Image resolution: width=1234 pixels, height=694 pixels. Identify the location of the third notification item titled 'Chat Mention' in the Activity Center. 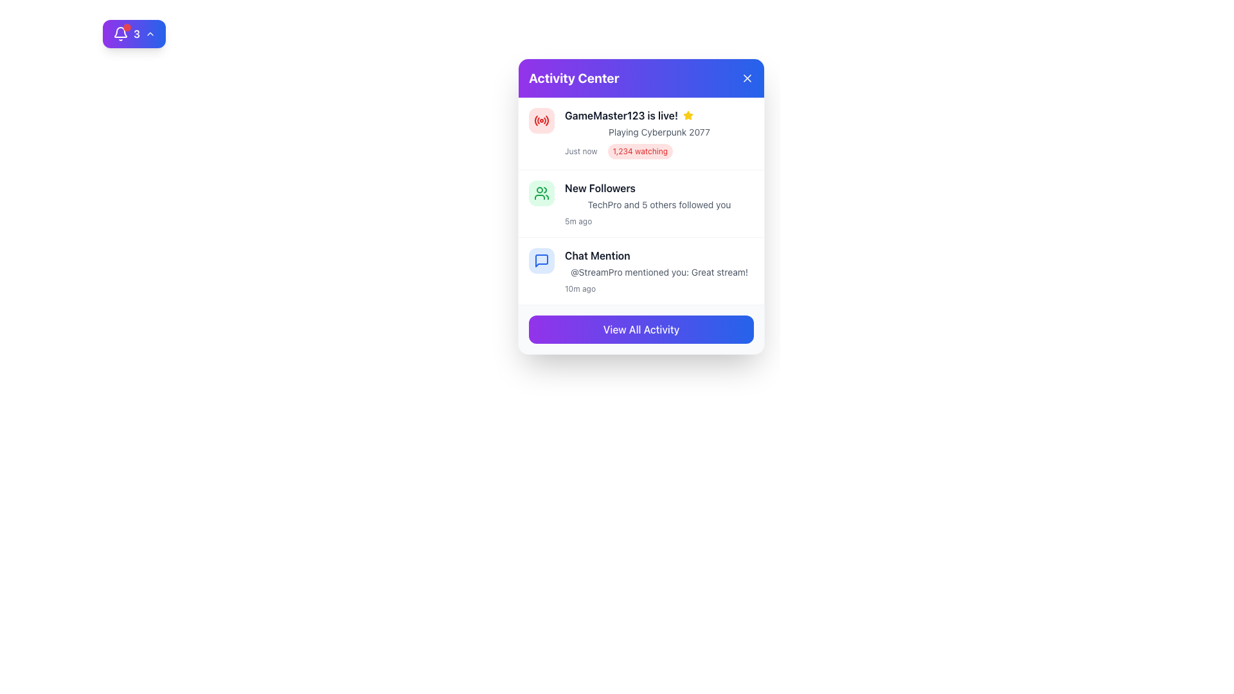
(659, 270).